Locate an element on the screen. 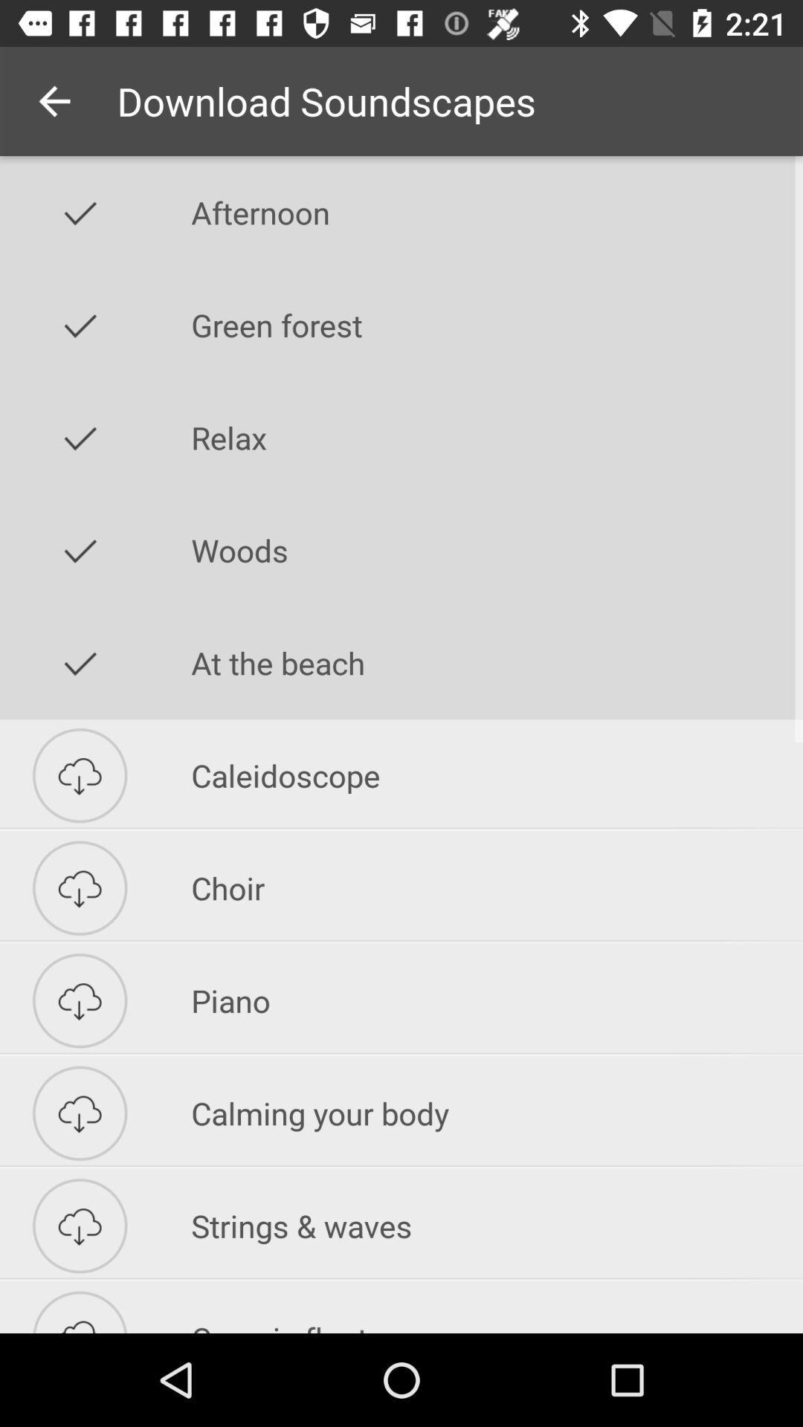  the icon above the strings & waves icon is located at coordinates (497, 1113).